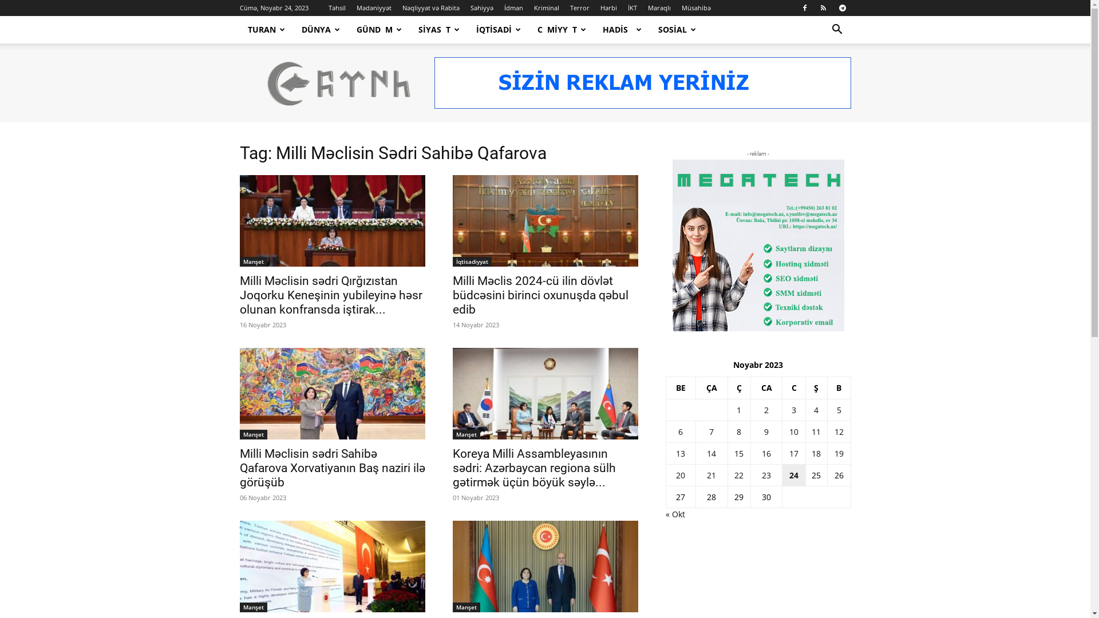 Image resolution: width=1099 pixels, height=618 pixels. What do you see at coordinates (839, 409) in the screenshot?
I see `'5'` at bounding box center [839, 409].